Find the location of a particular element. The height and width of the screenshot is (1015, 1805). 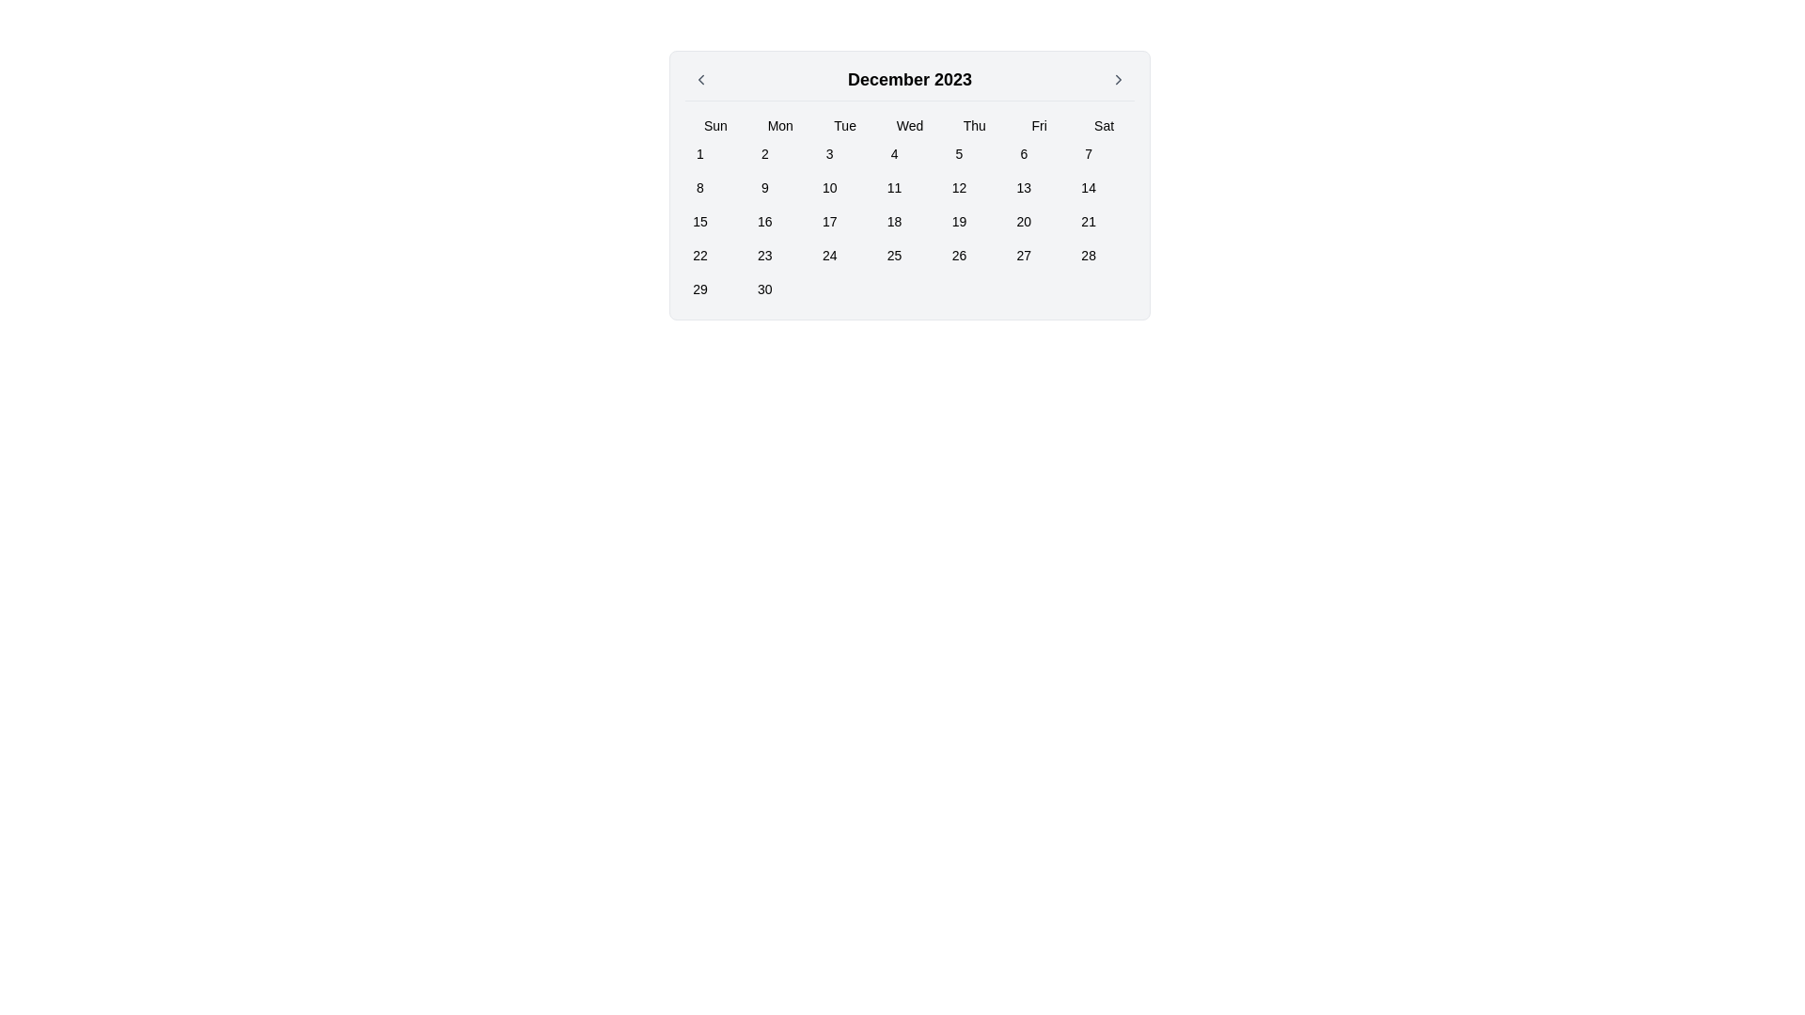

the button that allows users to select the date '26' in the calendar grid, located under the 'Thu' header is located at coordinates (959, 256).